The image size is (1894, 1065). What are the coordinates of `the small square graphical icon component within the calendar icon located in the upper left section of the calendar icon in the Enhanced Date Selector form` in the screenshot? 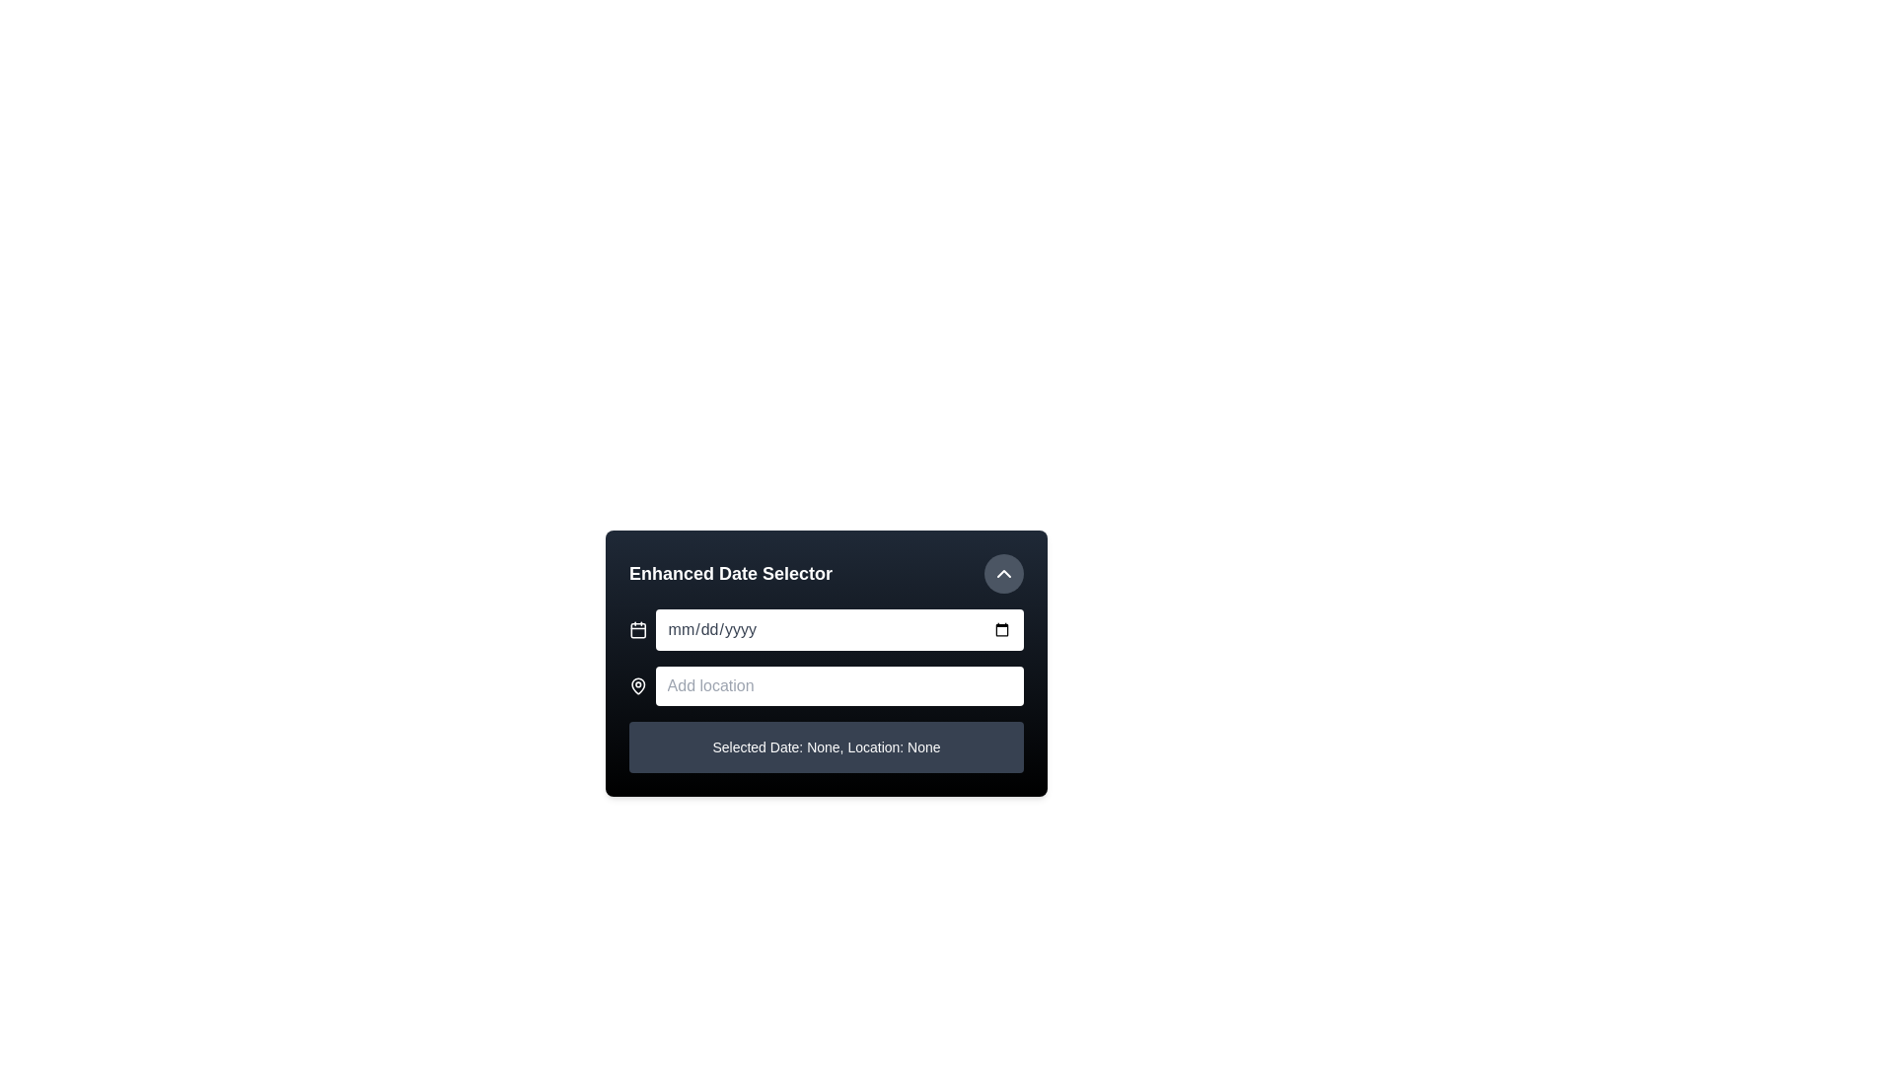 It's located at (638, 630).